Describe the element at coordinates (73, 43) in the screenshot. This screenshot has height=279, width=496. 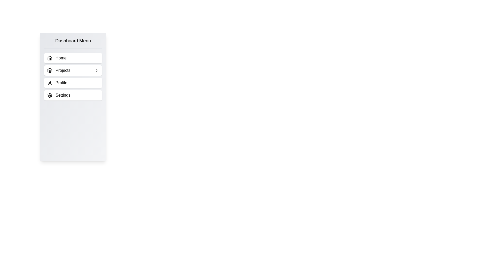
I see `the static text element that serves as the header for the navigation menu, located at the top of the vertical list structure` at that location.